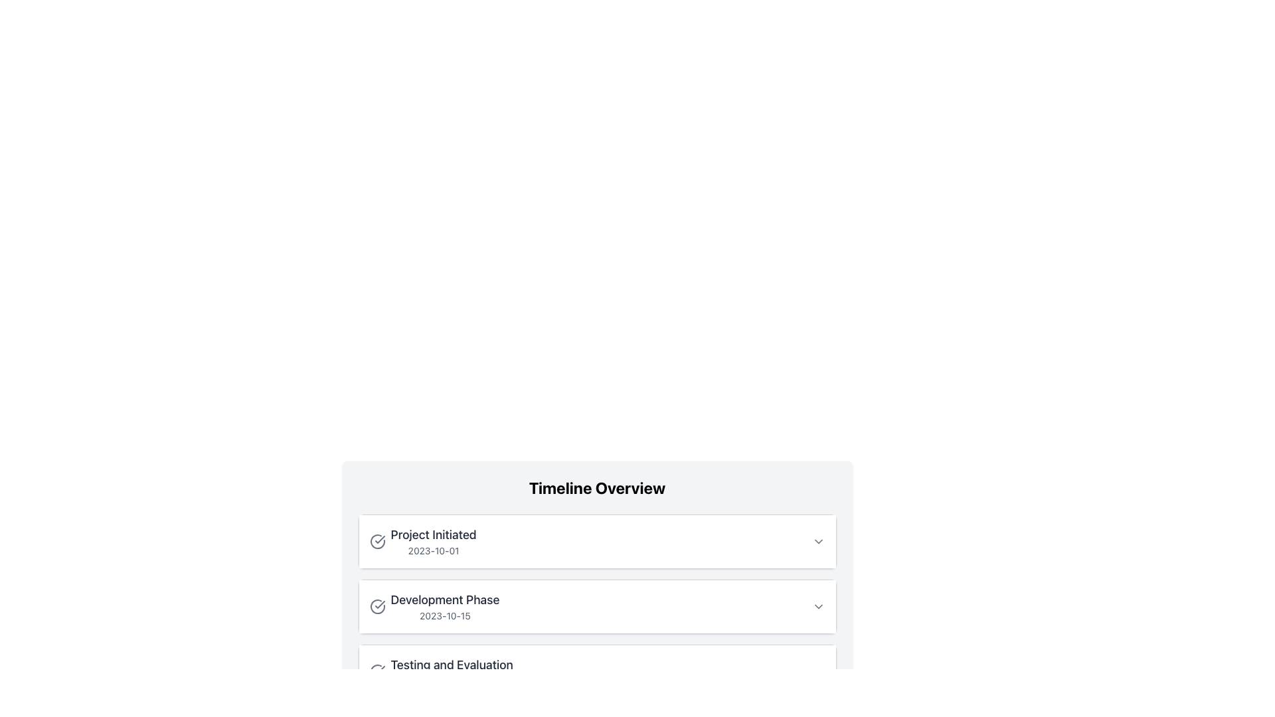 This screenshot has width=1275, height=717. I want to click on the icon that visually indicates the 'Development Phase' item in the timeline dated '2023-10-15', so click(379, 604).